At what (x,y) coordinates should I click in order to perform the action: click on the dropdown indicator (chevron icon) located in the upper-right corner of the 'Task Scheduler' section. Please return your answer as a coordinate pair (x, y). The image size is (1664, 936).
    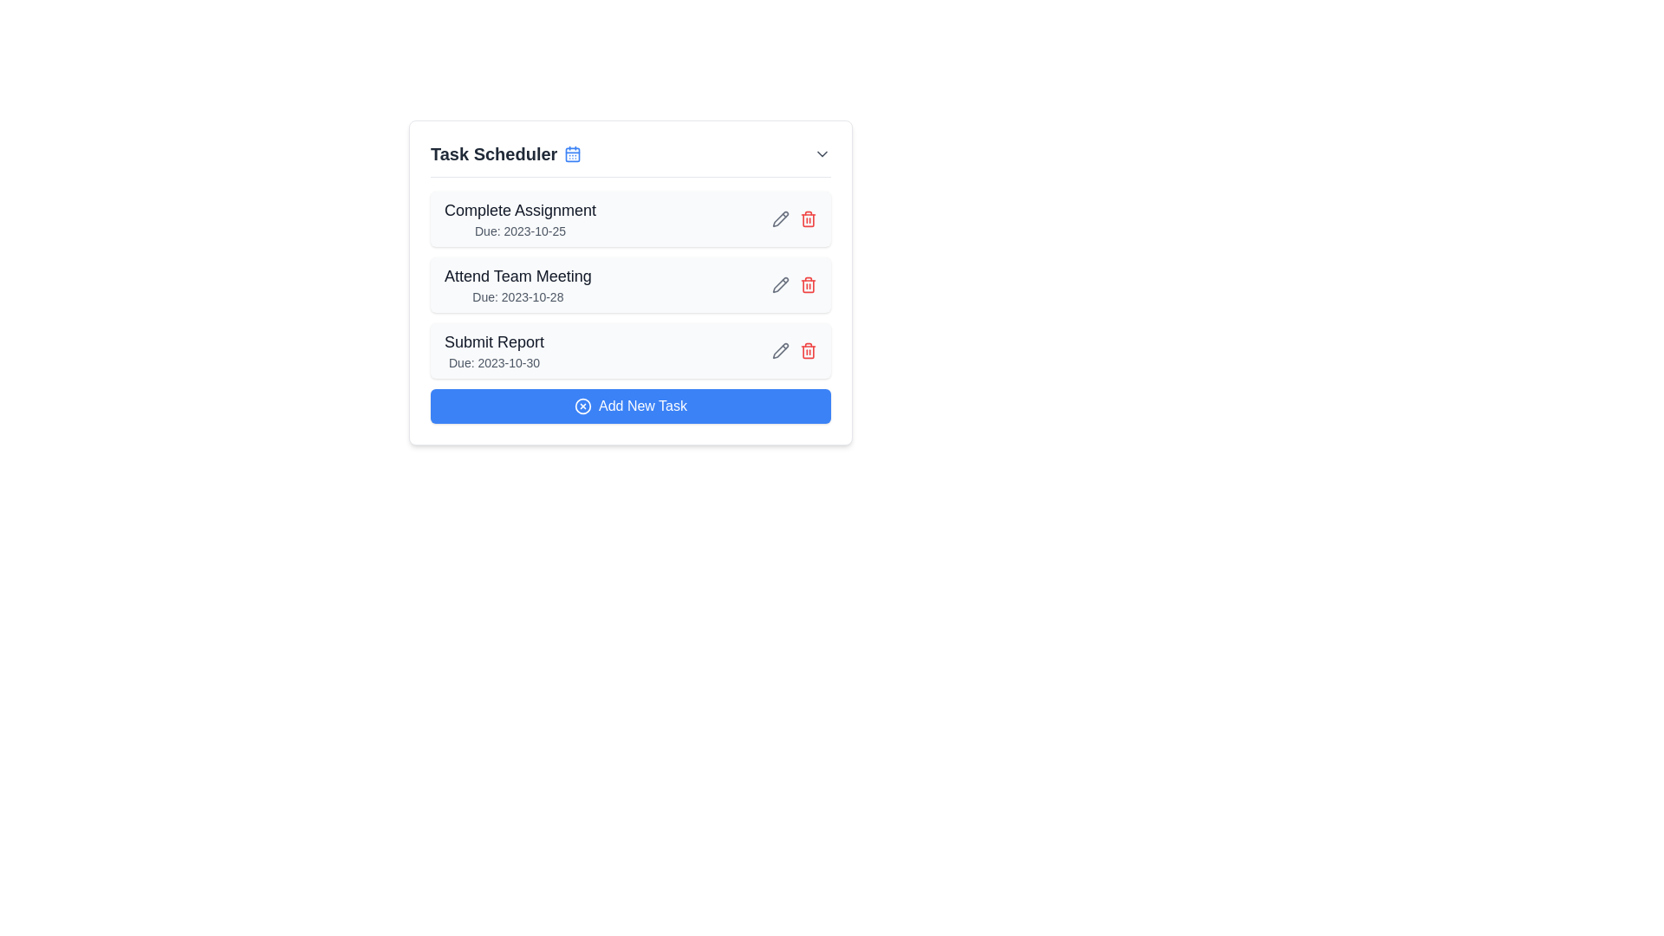
    Looking at the image, I should click on (822, 153).